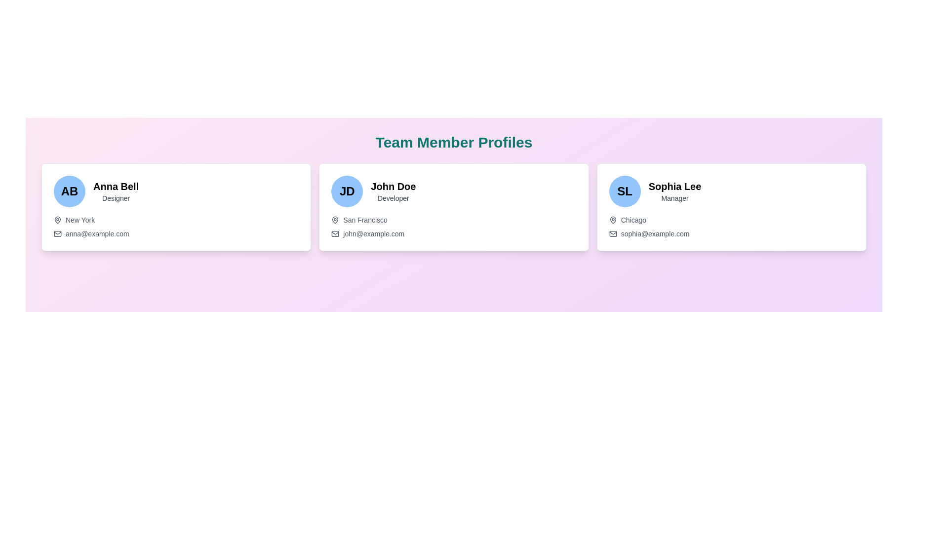 The image size is (948, 533). What do you see at coordinates (116, 191) in the screenshot?
I see `the Text Display element that shows the name 'Anna Bell' and the role 'Designer', located below the circular blue initials 'AB' in the upper left section of the team profiles card` at bounding box center [116, 191].